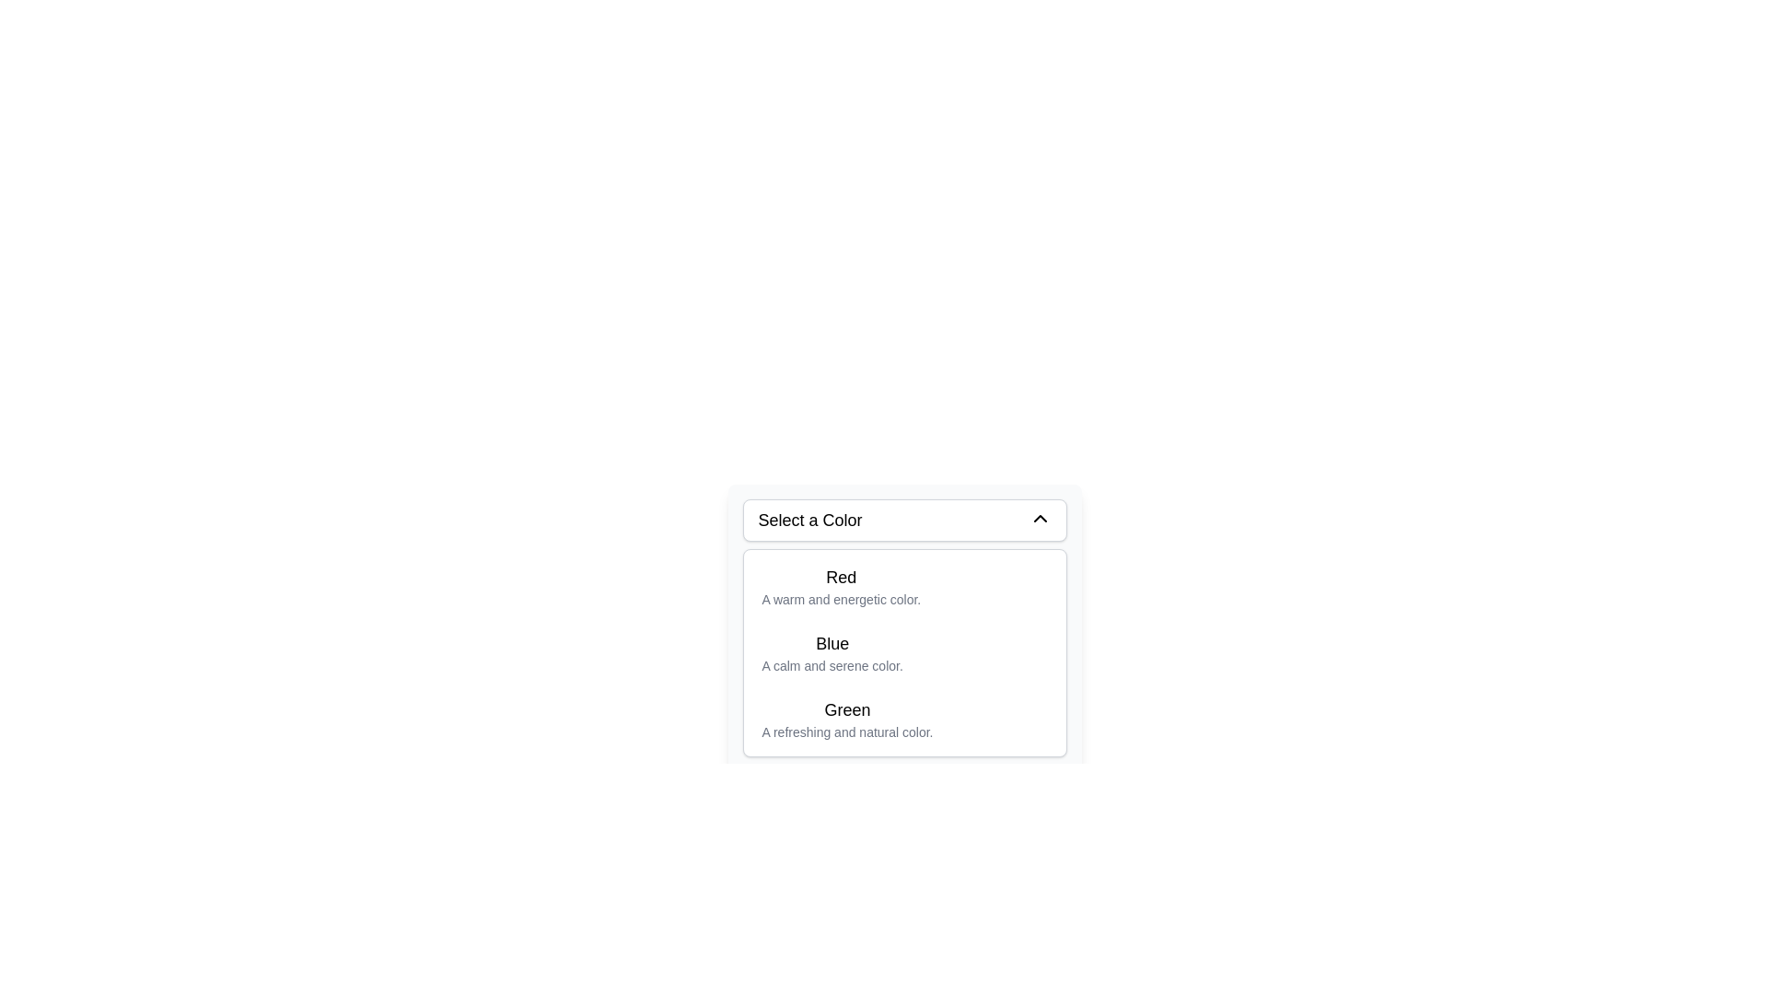 The image size is (1768, 995). Describe the element at coordinates (832, 665) in the screenshot. I see `descriptive text 'A calm and serene color.' located below the 'Blue' color option in the 'Select a Color' dropdown menu` at that location.